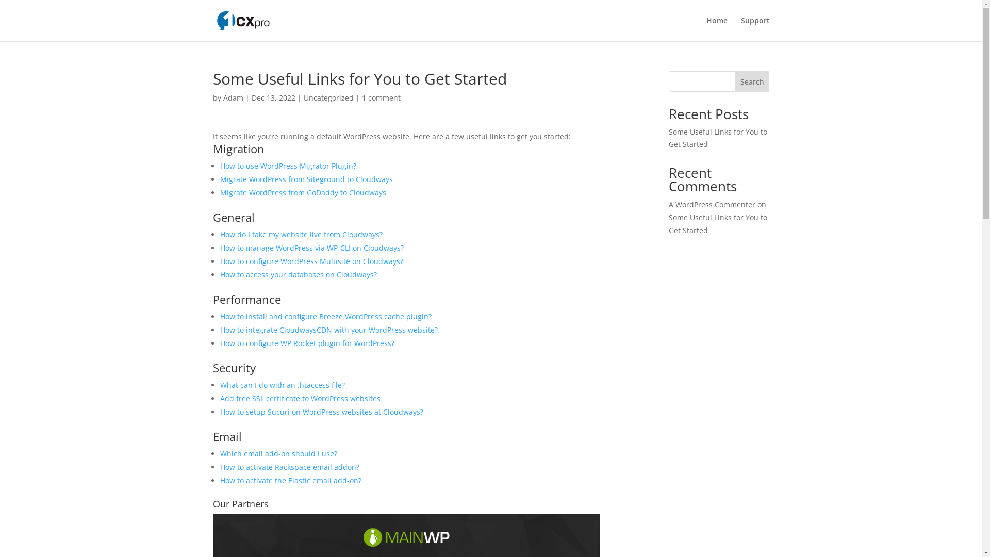  I want to click on 'Which email add-on should I use?', so click(278, 453).